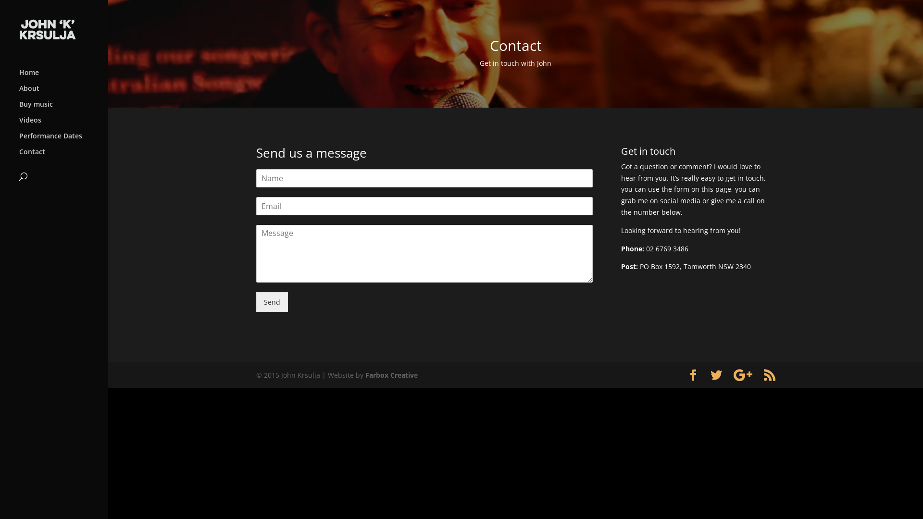 Image resolution: width=923 pixels, height=519 pixels. Describe the element at coordinates (391, 374) in the screenshot. I see `'Farbox Creative'` at that location.